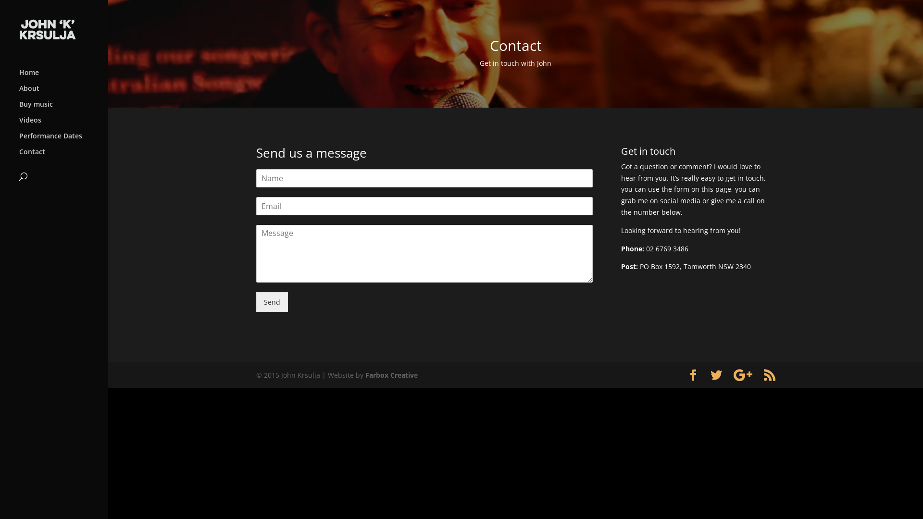 Image resolution: width=923 pixels, height=519 pixels. Describe the element at coordinates (391, 374) in the screenshot. I see `'Farbox Creative'` at that location.